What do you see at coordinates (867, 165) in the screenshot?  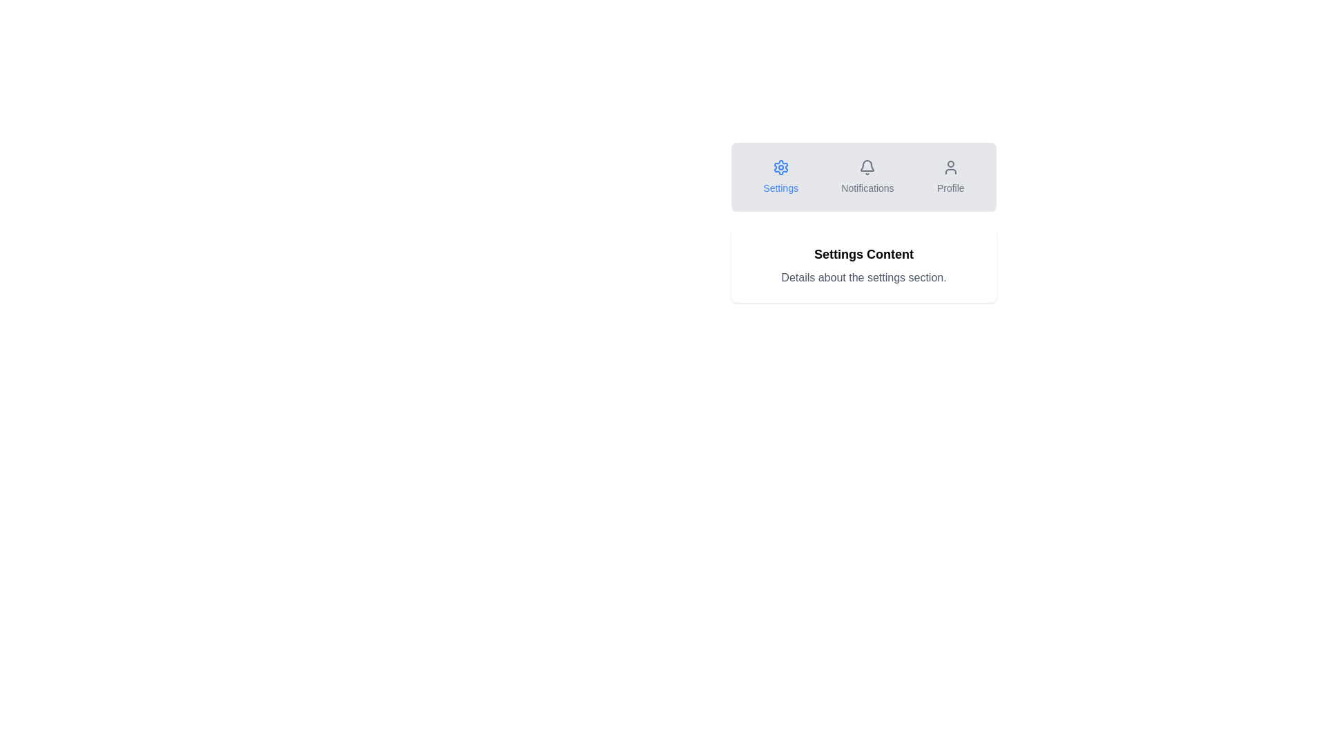 I see `the bell-shaped icon in the notification section` at bounding box center [867, 165].